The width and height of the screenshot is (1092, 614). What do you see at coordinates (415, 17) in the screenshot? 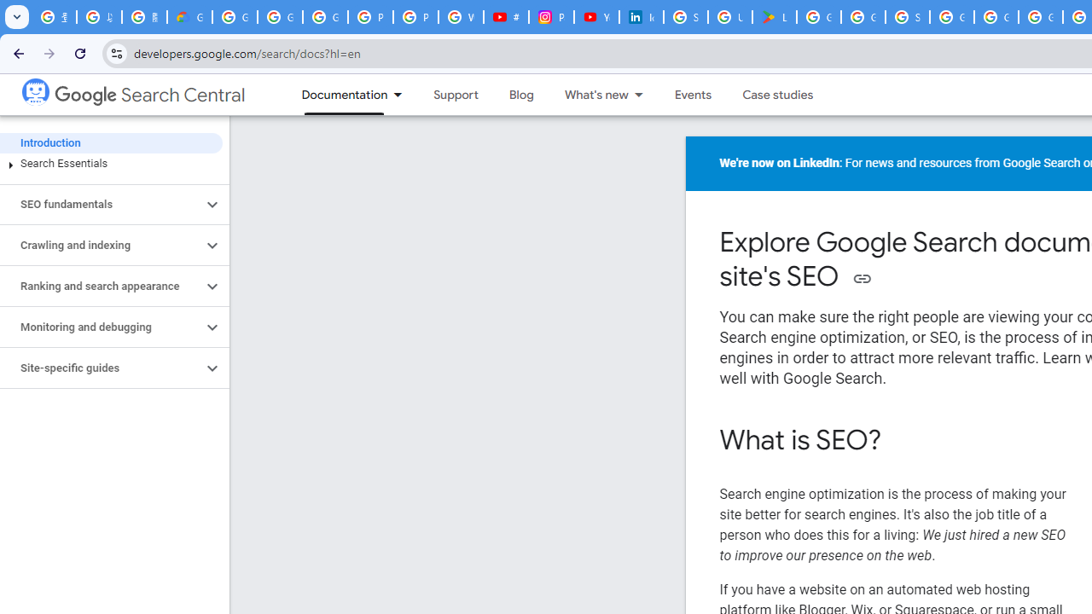
I see `'Privacy Help Center - Policies Help'` at bounding box center [415, 17].